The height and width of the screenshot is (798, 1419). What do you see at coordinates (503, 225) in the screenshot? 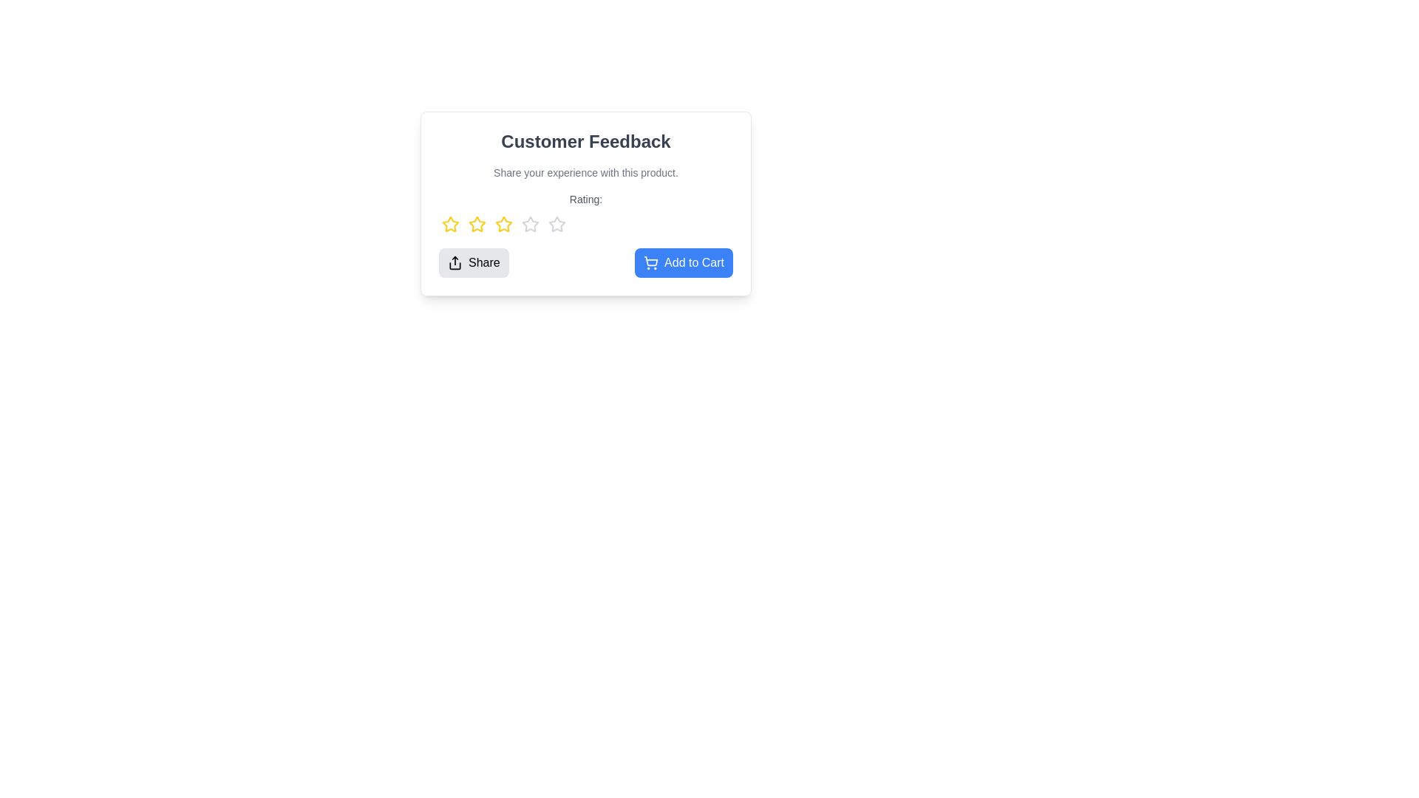
I see `the star corresponding to the desired rating value 3` at bounding box center [503, 225].